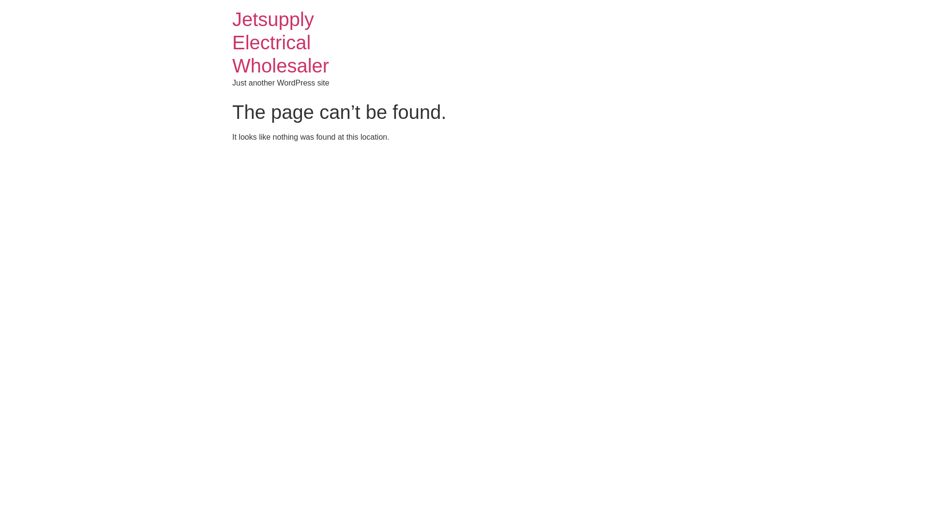  What do you see at coordinates (280, 42) in the screenshot?
I see `'Jetsupply Electrical Wholesaler'` at bounding box center [280, 42].